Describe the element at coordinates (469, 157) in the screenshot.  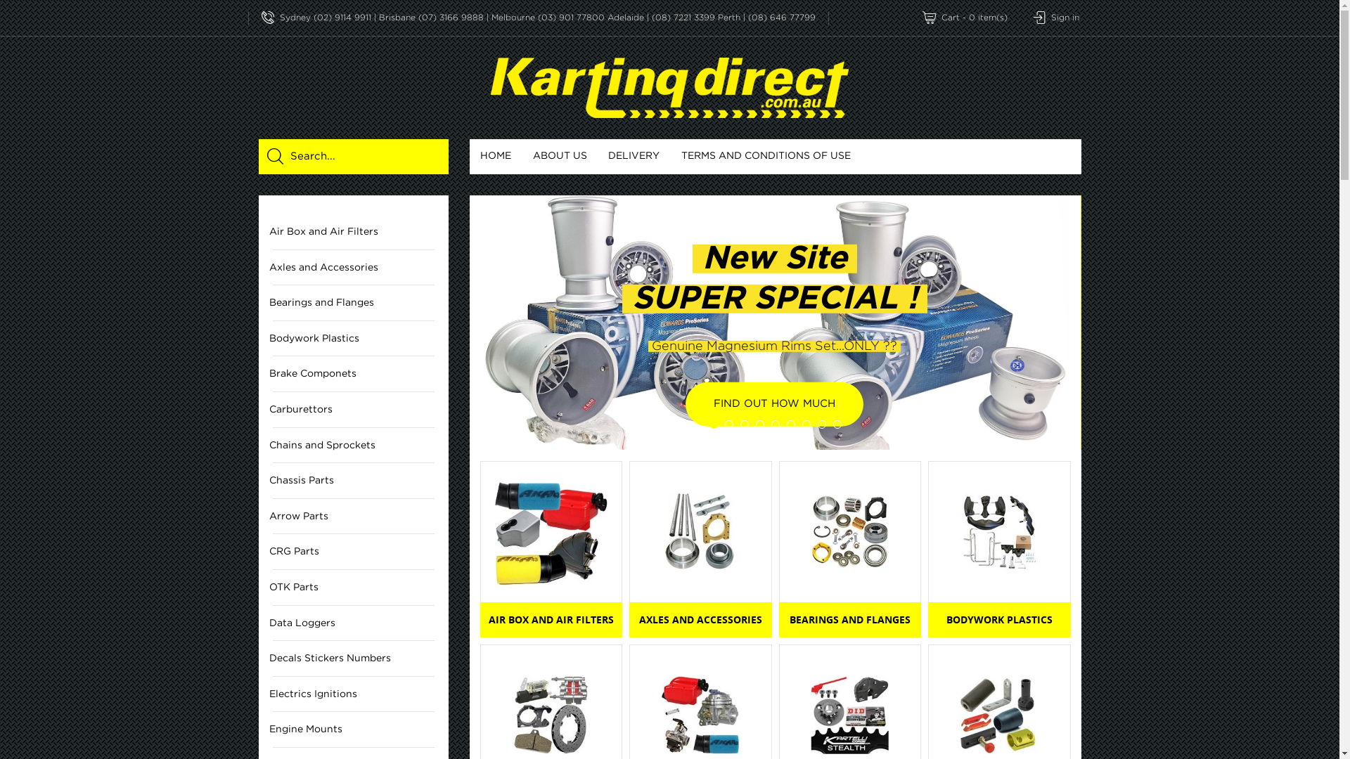
I see `'HOME'` at that location.